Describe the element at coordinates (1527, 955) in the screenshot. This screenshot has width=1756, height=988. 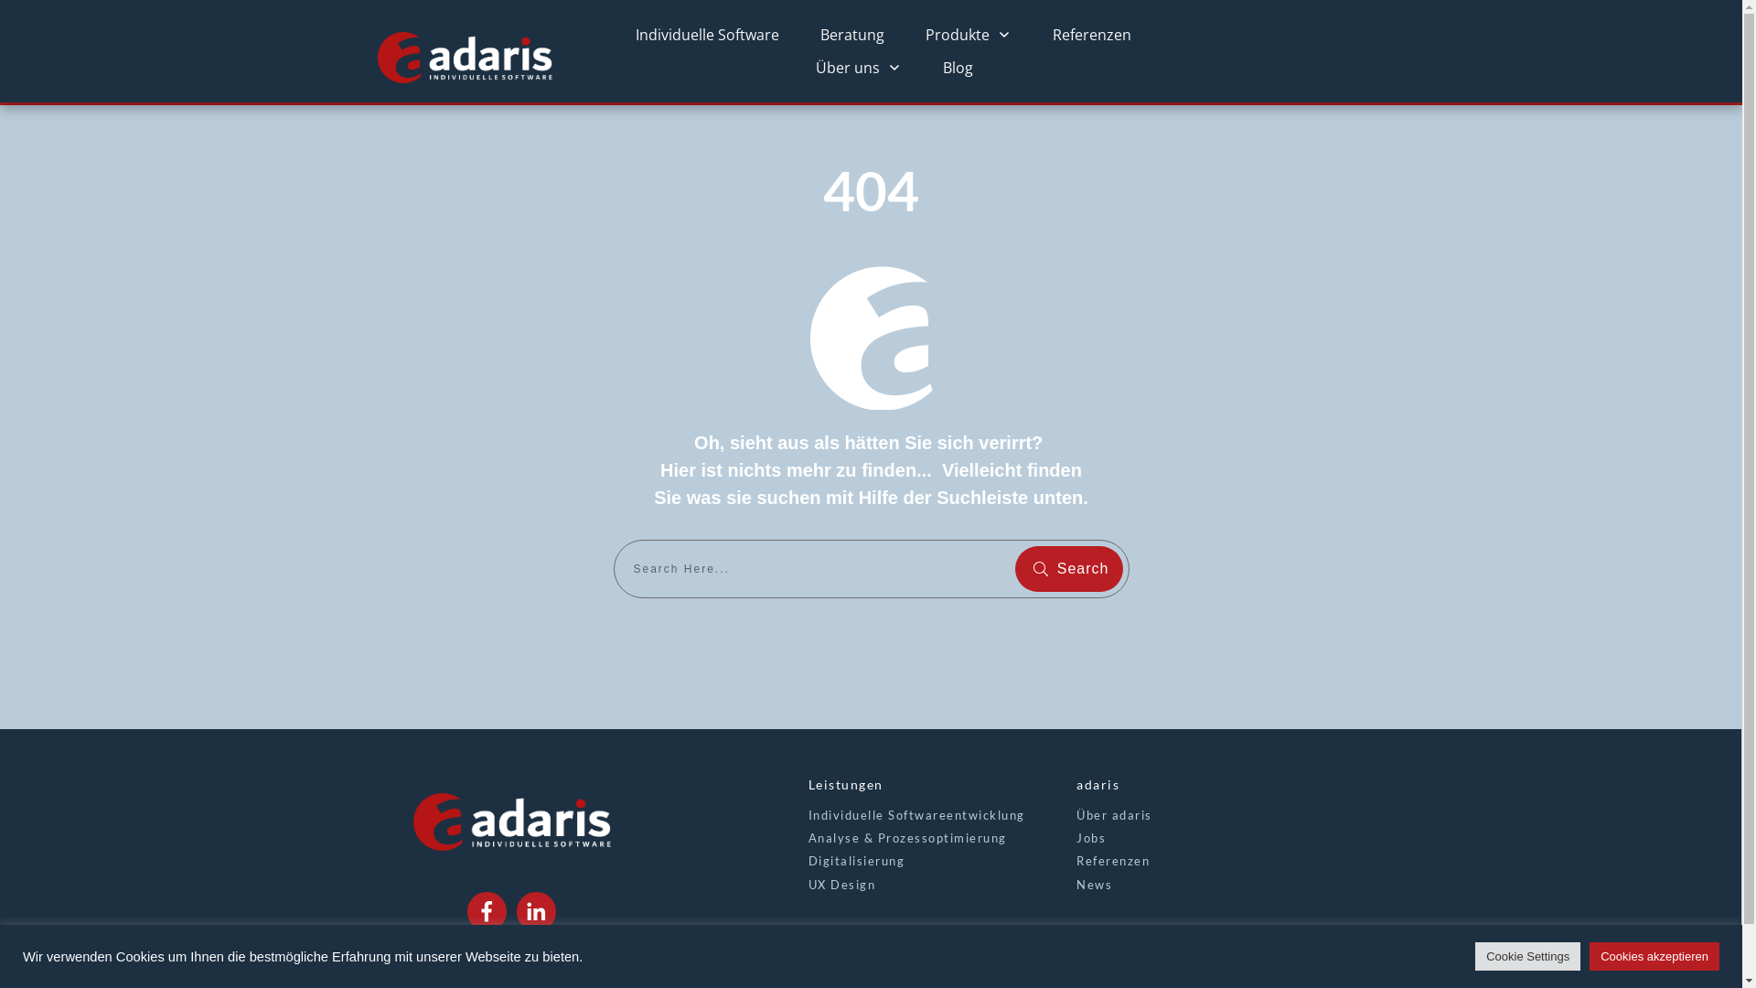
I see `'Cookie Settings'` at that location.